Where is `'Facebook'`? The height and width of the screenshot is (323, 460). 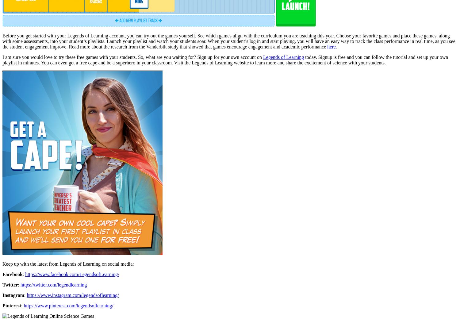 'Facebook' is located at coordinates (12, 274).